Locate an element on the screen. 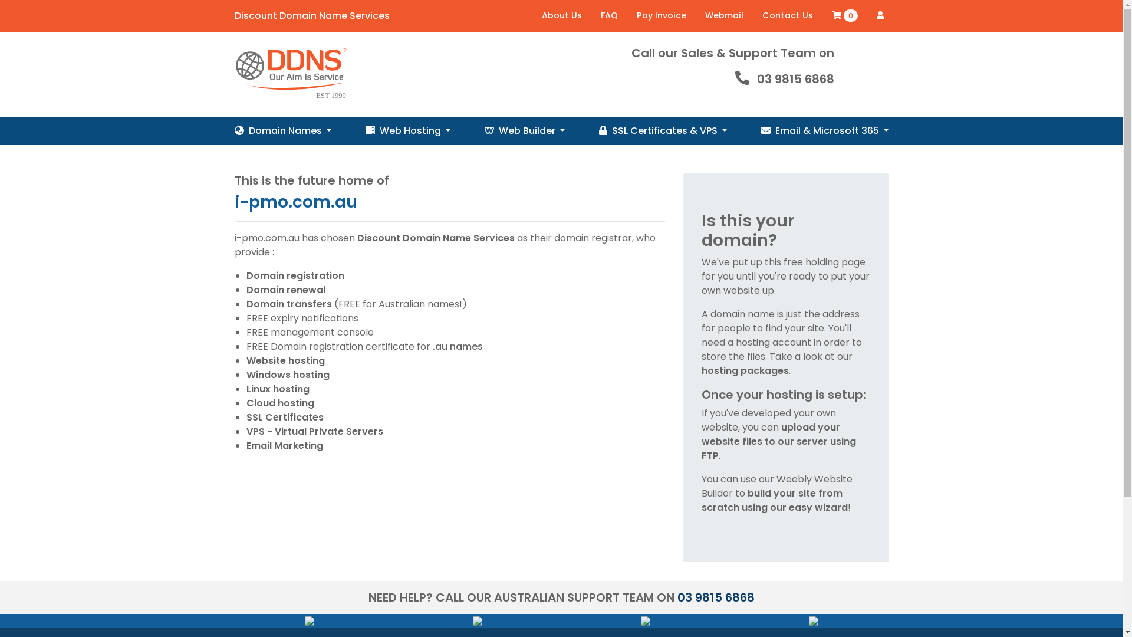 Image resolution: width=1132 pixels, height=637 pixels. 'Domain registration' is located at coordinates (245, 275).